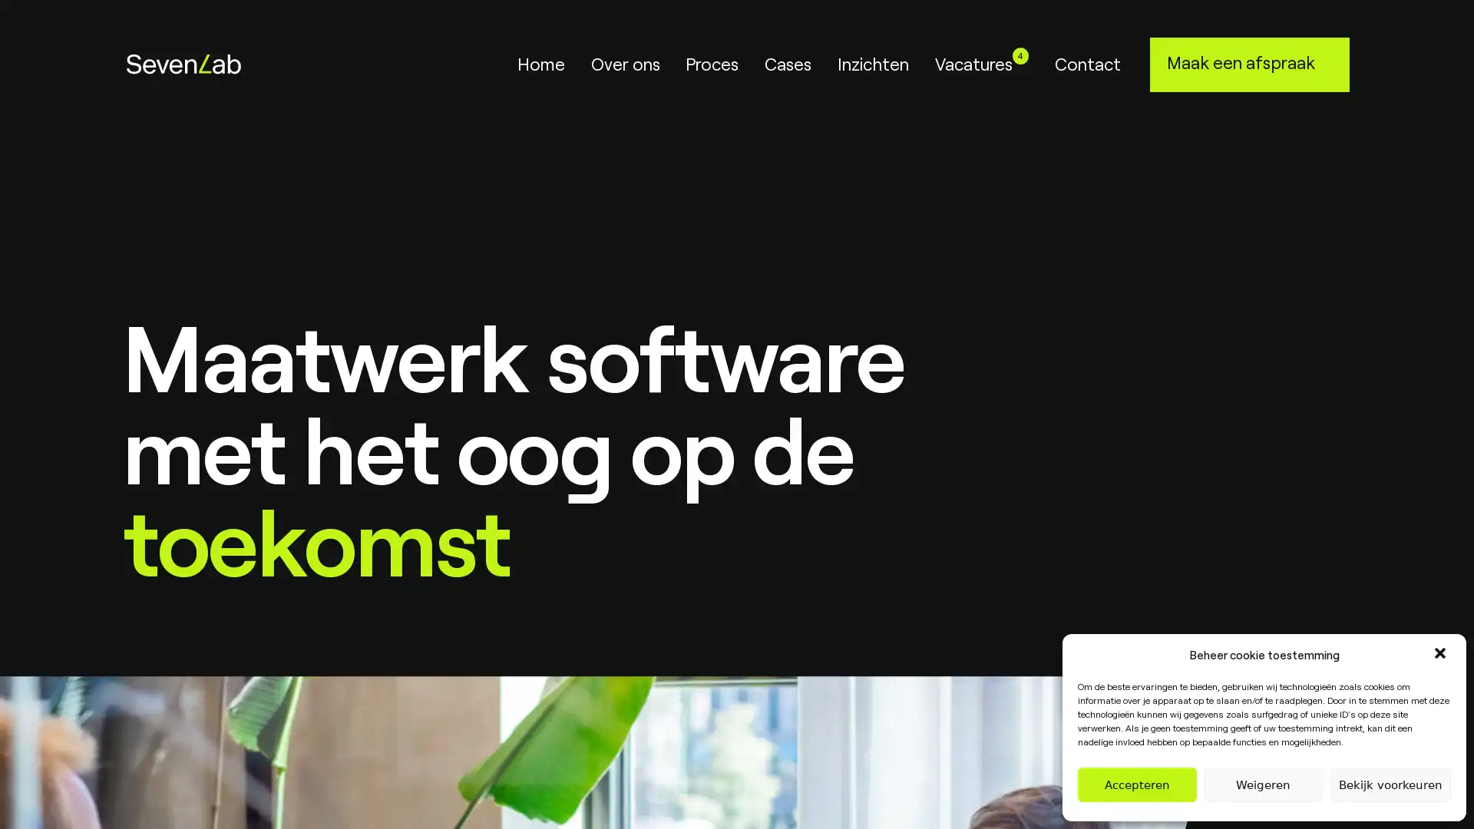  What do you see at coordinates (1137, 784) in the screenshot?
I see `Accepteren` at bounding box center [1137, 784].